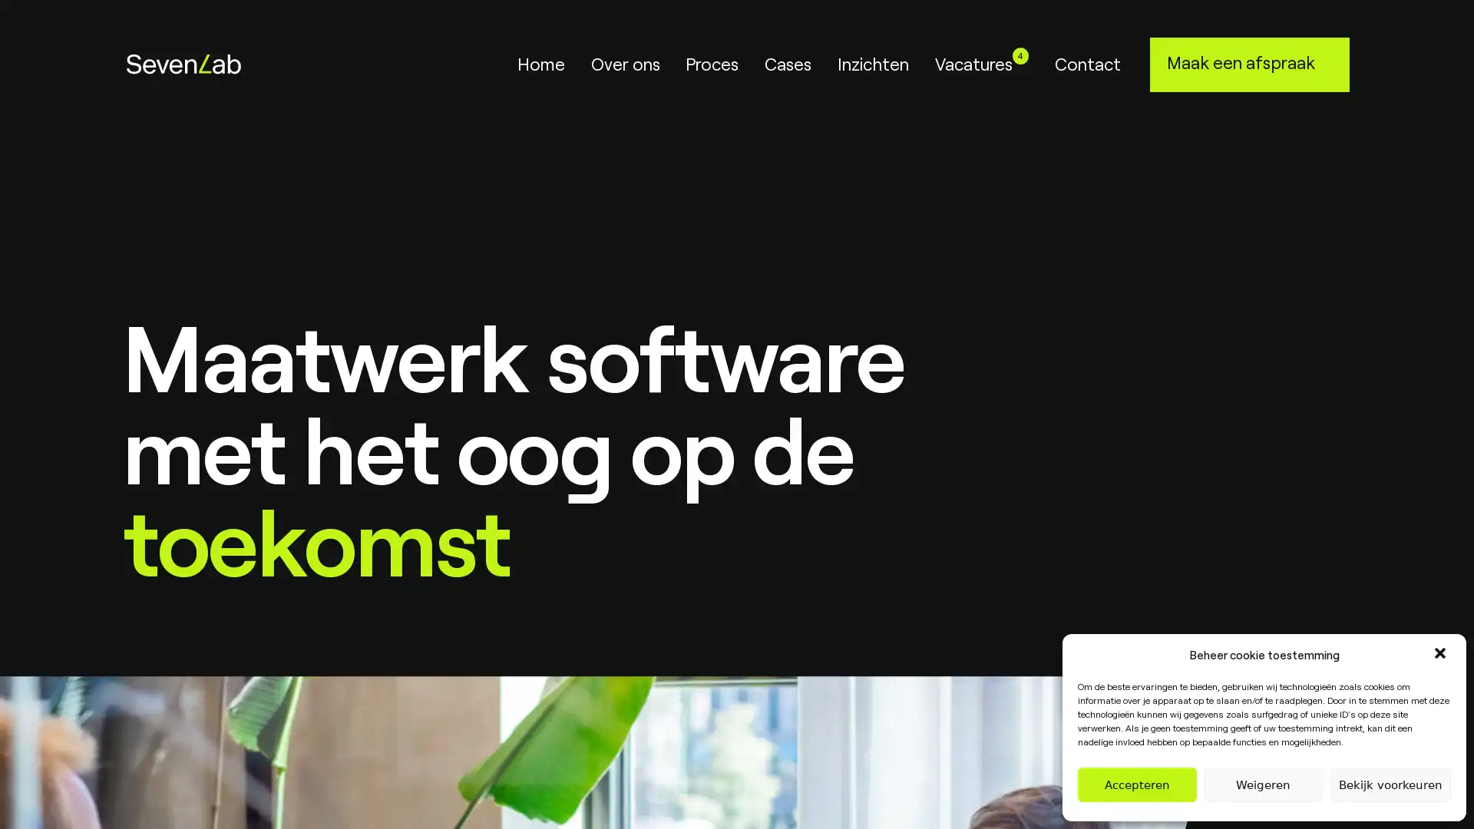  What do you see at coordinates (1137, 784) in the screenshot?
I see `Accepteren` at bounding box center [1137, 784].